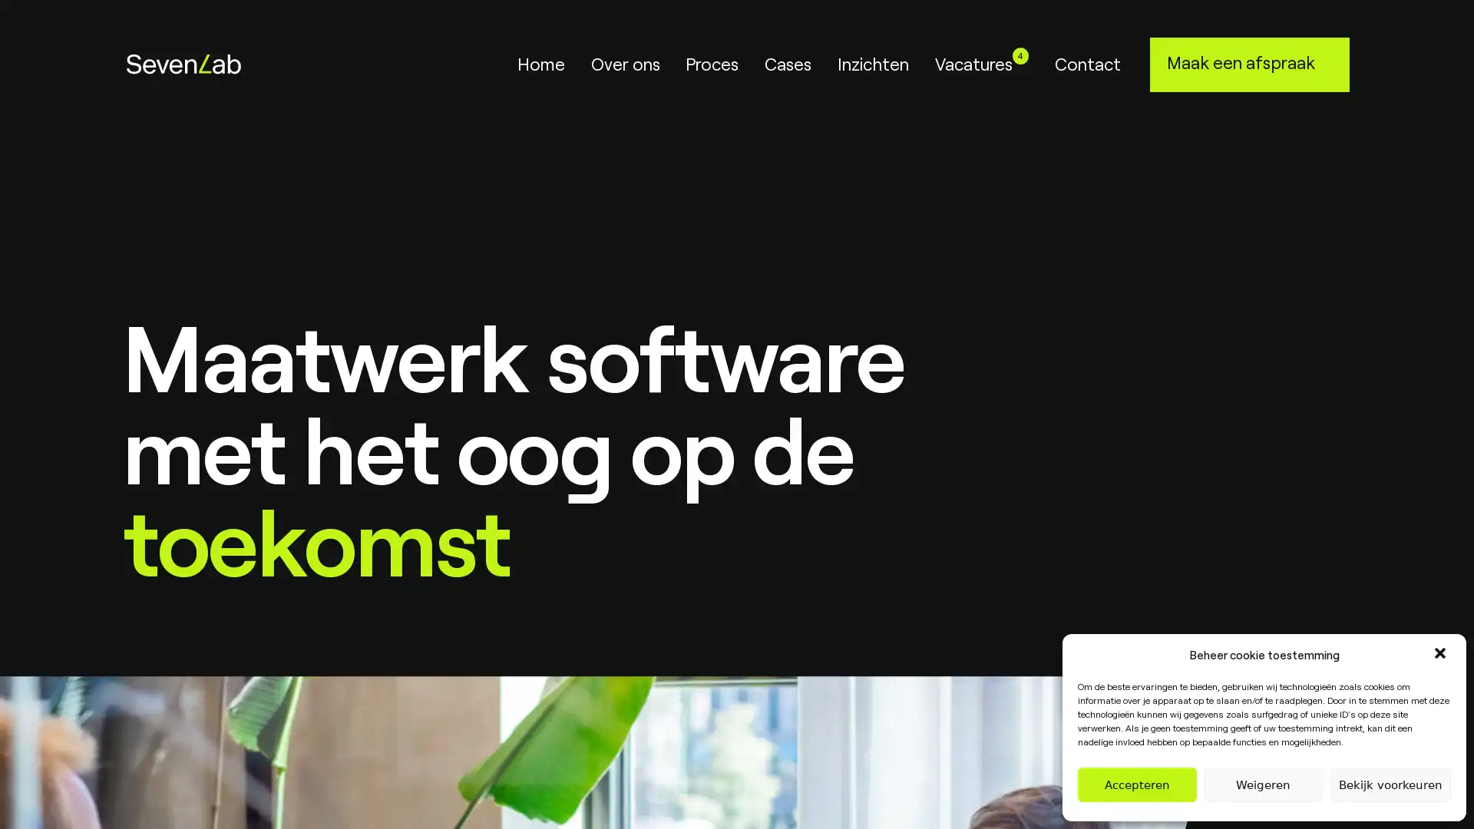  What do you see at coordinates (1137, 784) in the screenshot?
I see `Accepteren` at bounding box center [1137, 784].